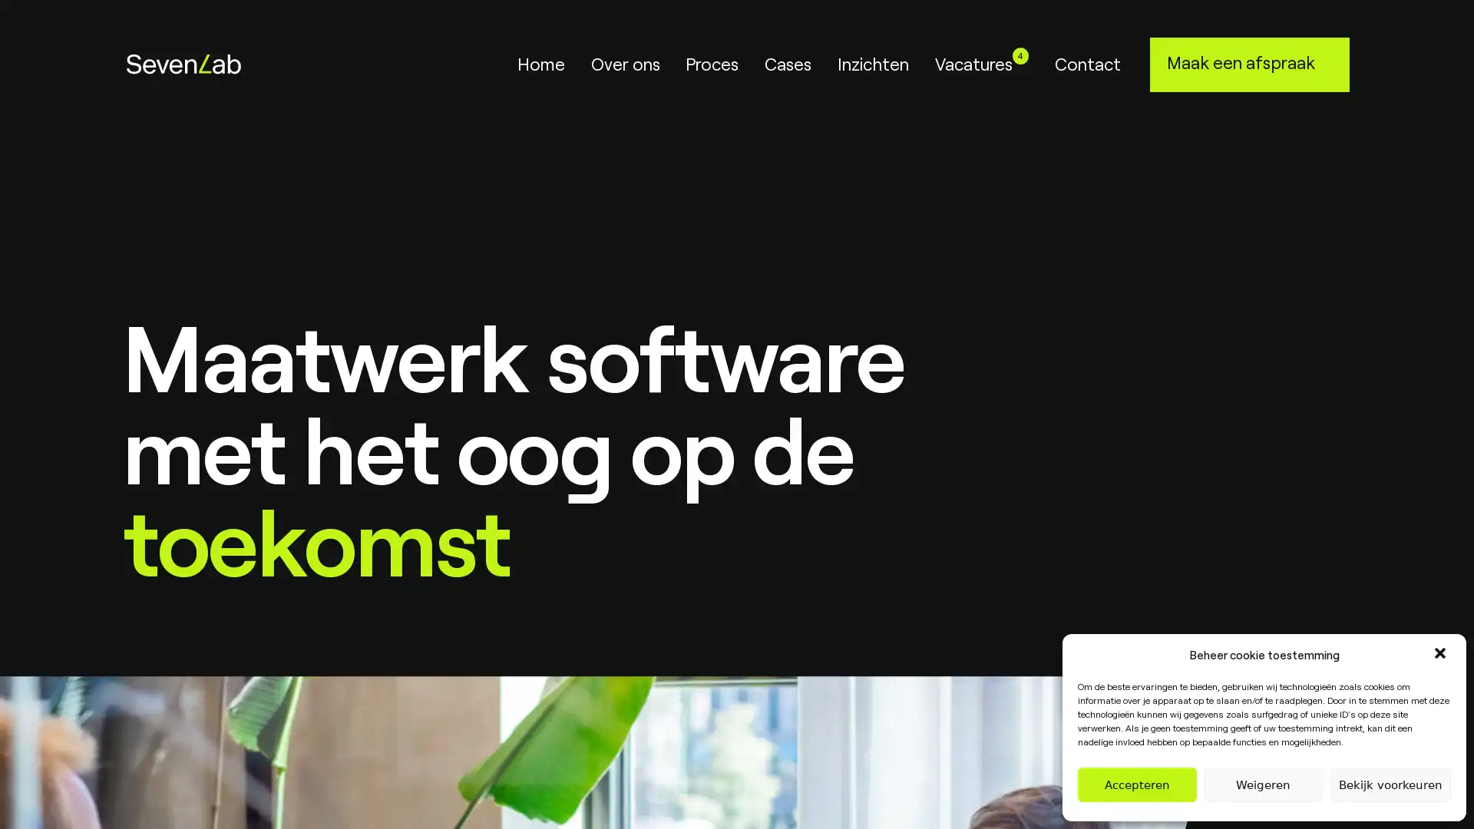  What do you see at coordinates (1137, 784) in the screenshot?
I see `Accepteren` at bounding box center [1137, 784].